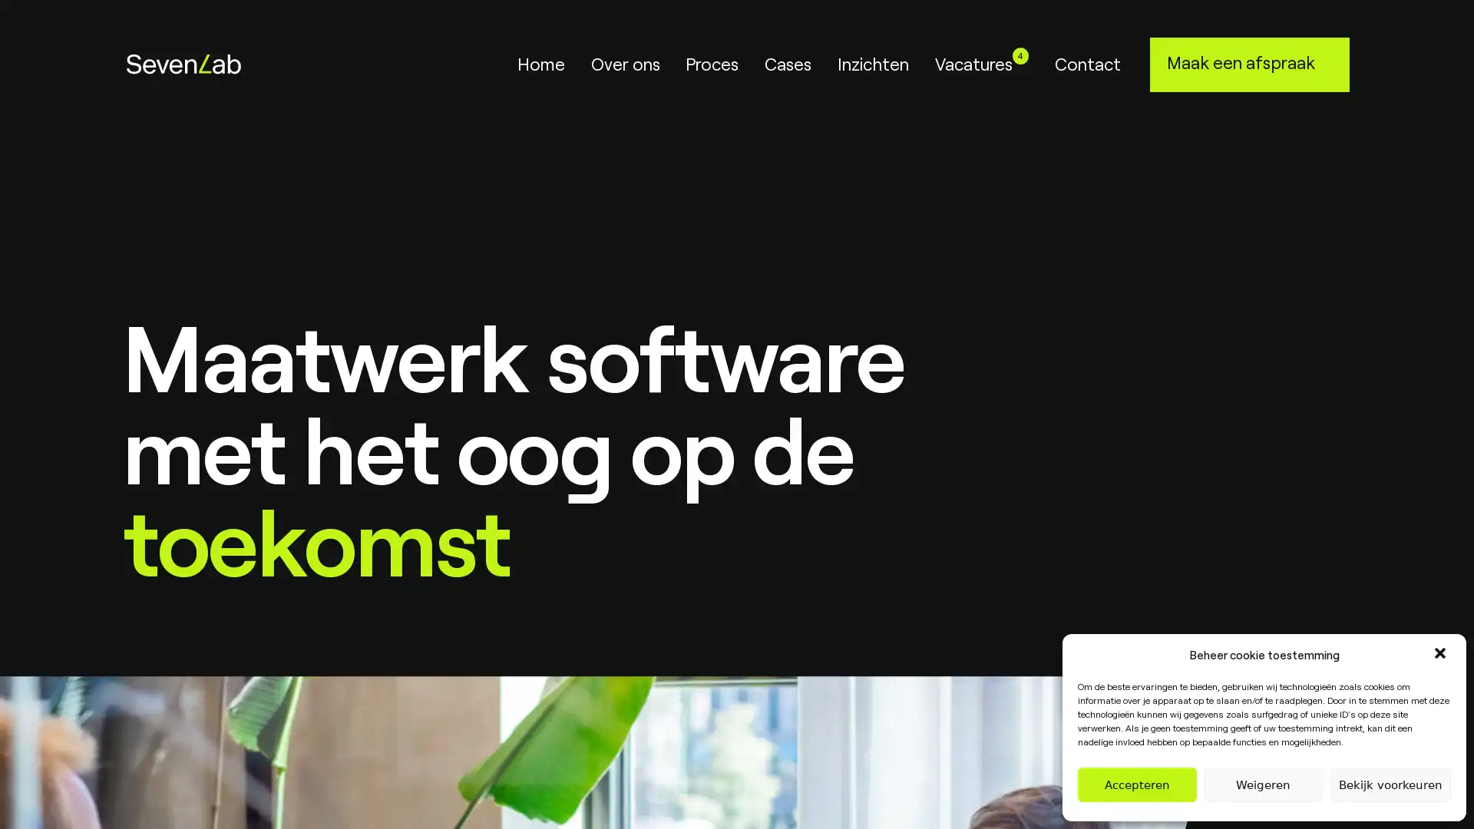  What do you see at coordinates (1137, 784) in the screenshot?
I see `Accepteren` at bounding box center [1137, 784].